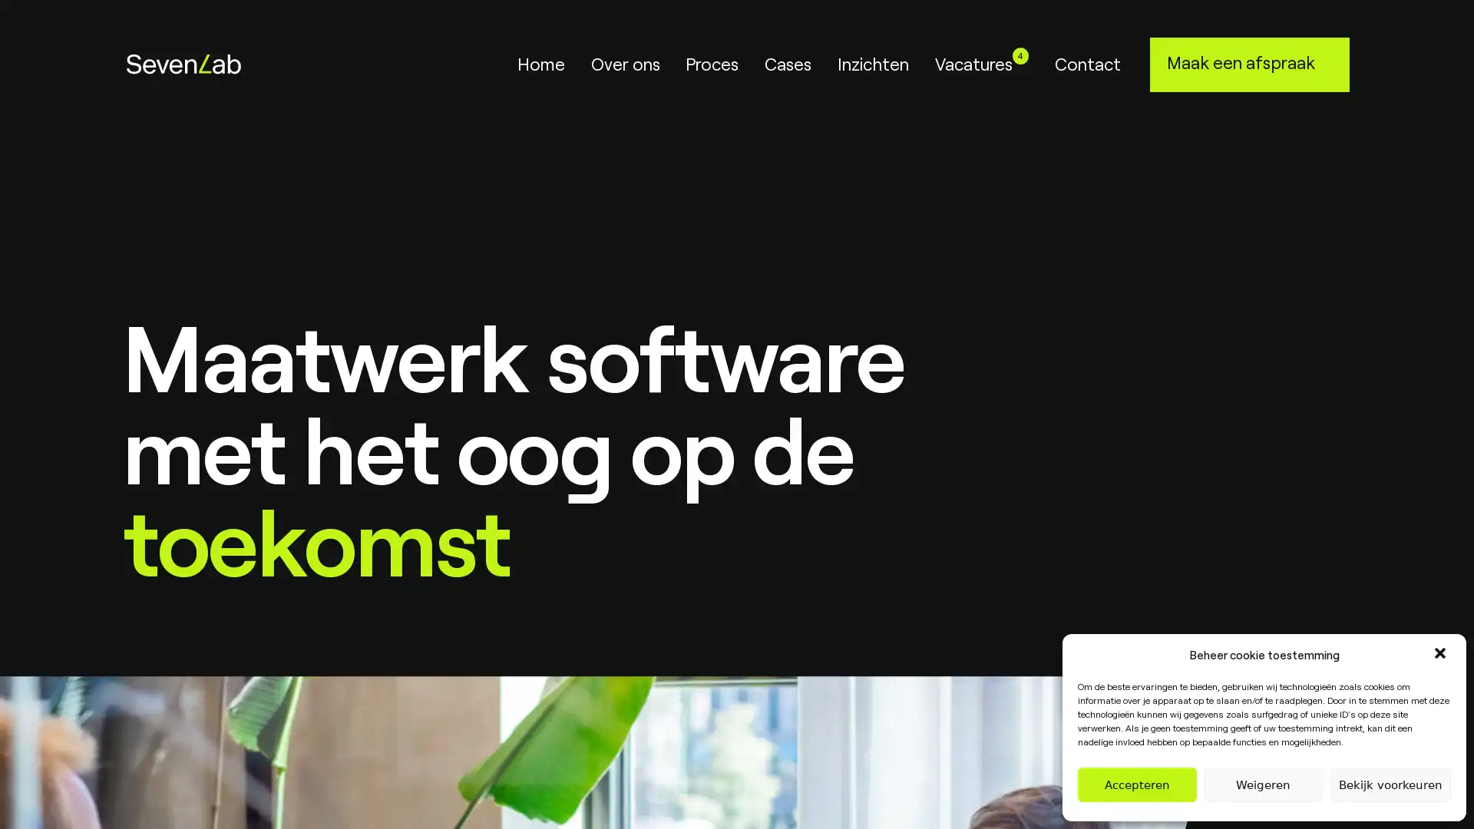  What do you see at coordinates (1137, 784) in the screenshot?
I see `Accepteren` at bounding box center [1137, 784].